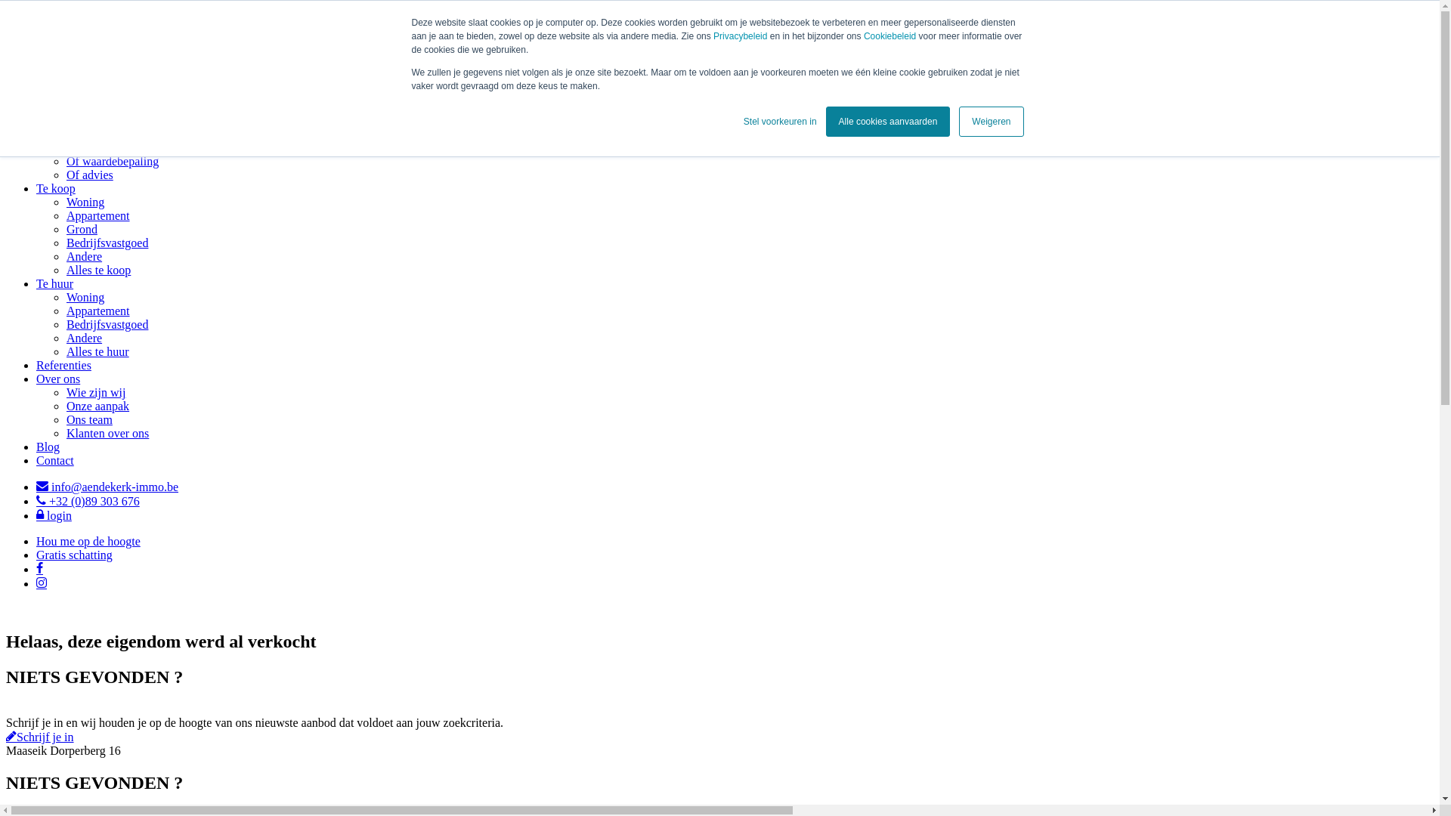 The height and width of the screenshot is (816, 1451). I want to click on 'Hou me op de hoogte', so click(87, 540).